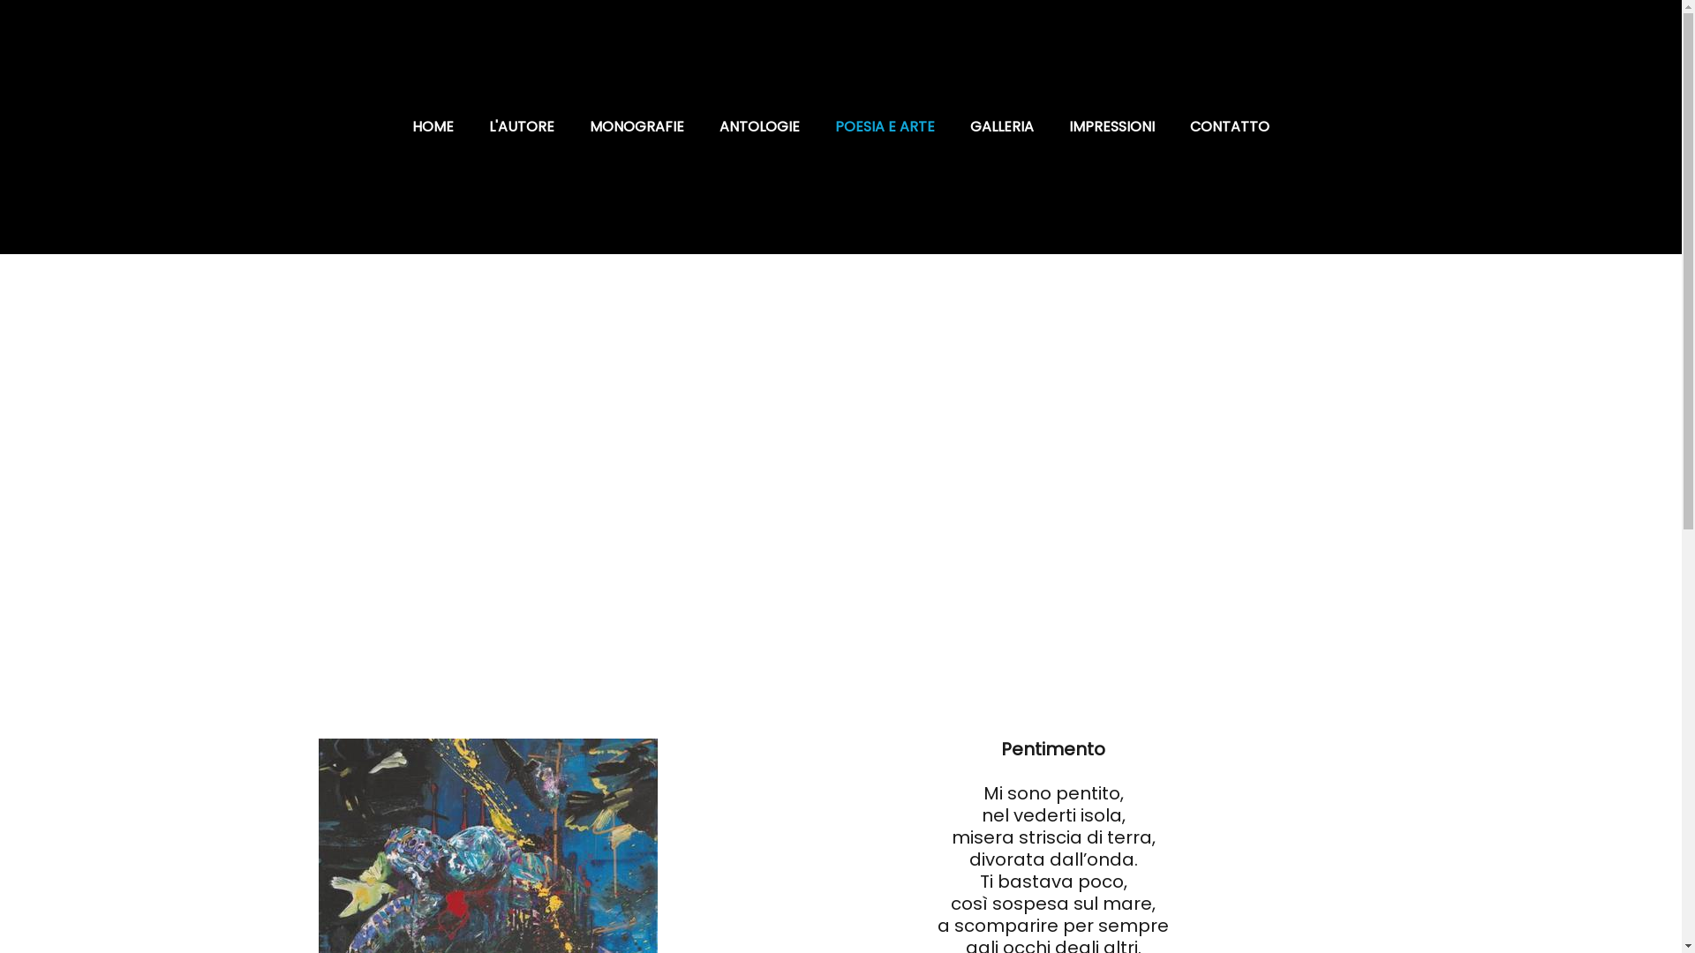 This screenshot has width=1695, height=953. Describe the element at coordinates (433, 125) in the screenshot. I see `'HOME'` at that location.